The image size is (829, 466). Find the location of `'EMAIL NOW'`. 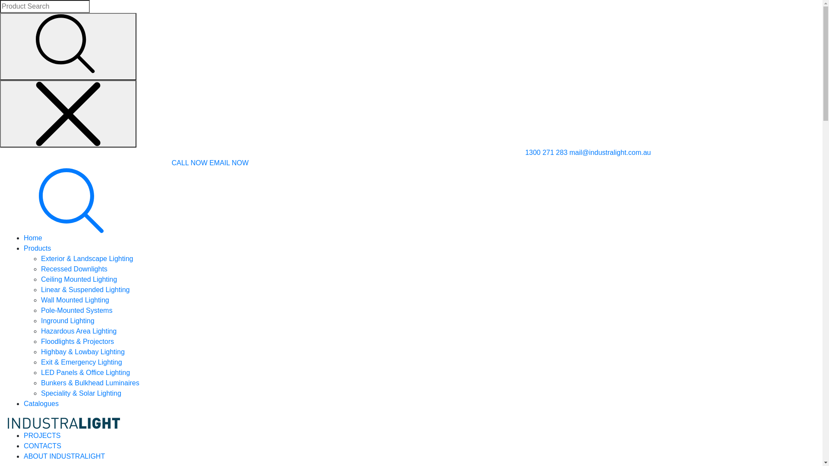

'EMAIL NOW' is located at coordinates (209, 163).